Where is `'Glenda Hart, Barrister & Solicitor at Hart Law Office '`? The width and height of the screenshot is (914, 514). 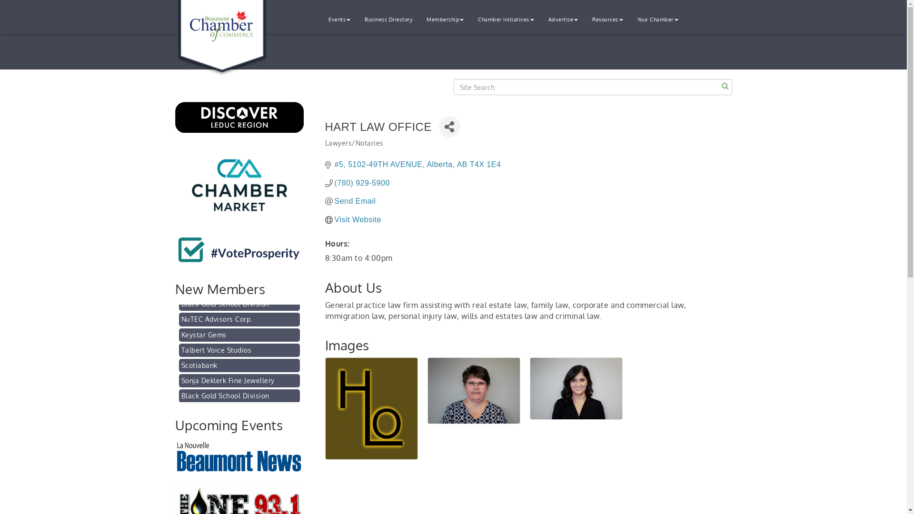
'Glenda Hart, Barrister & Solicitor at Hart Law Office ' is located at coordinates (473, 391).